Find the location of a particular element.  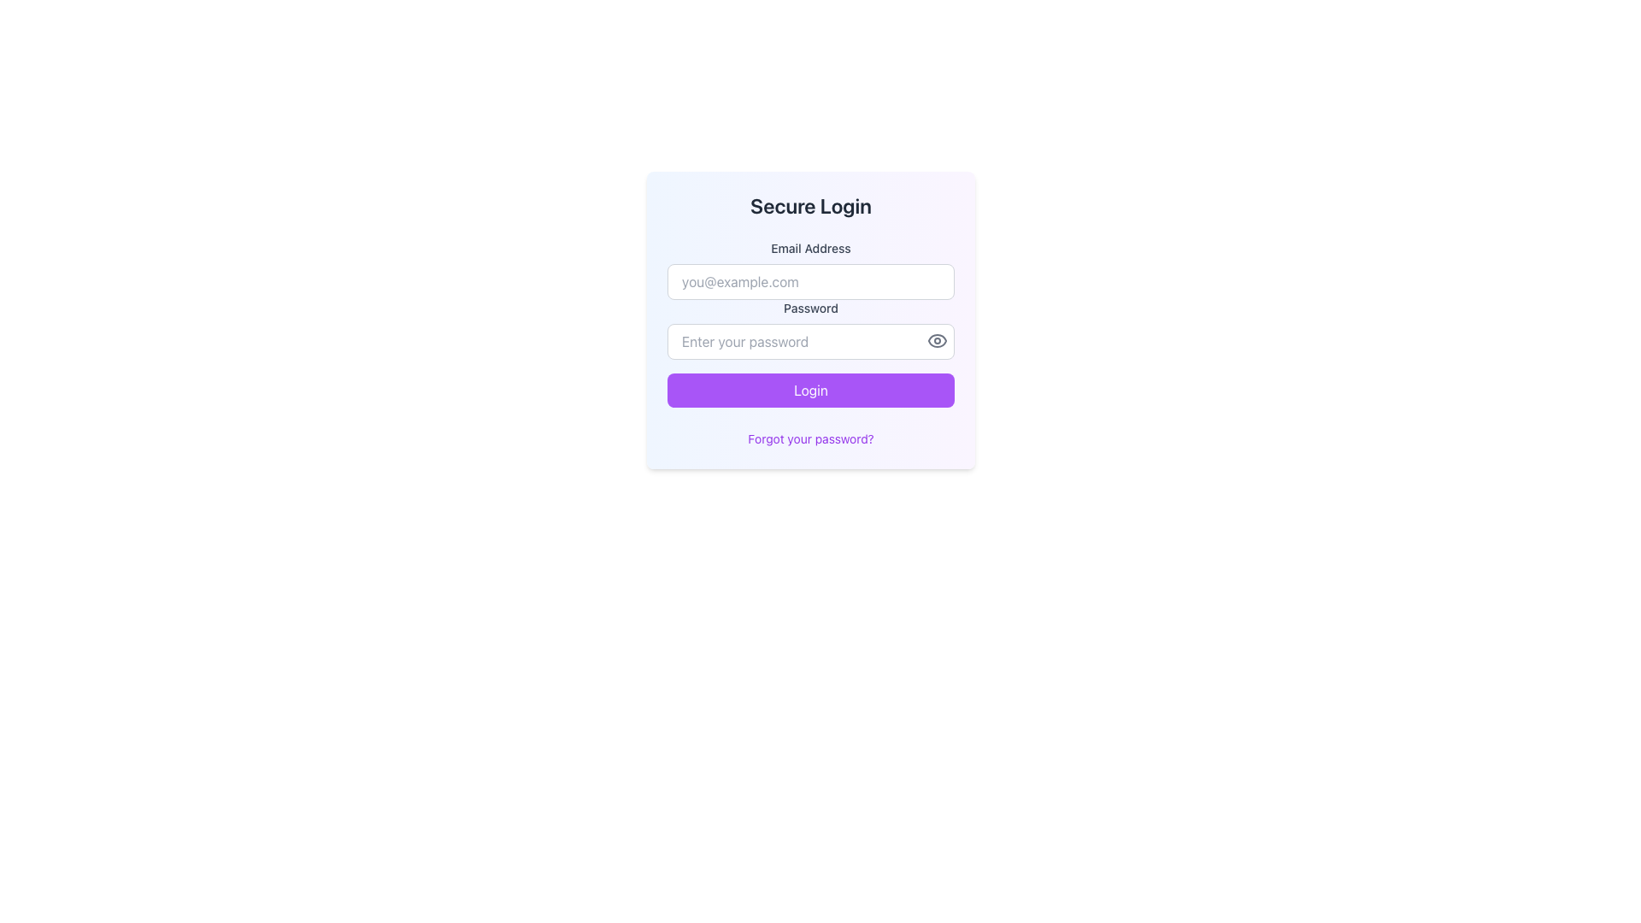

the hyperlink located at the bottom of the login form is located at coordinates (810, 438).